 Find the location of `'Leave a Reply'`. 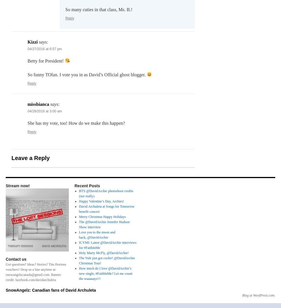

'Leave a Reply' is located at coordinates (30, 157).